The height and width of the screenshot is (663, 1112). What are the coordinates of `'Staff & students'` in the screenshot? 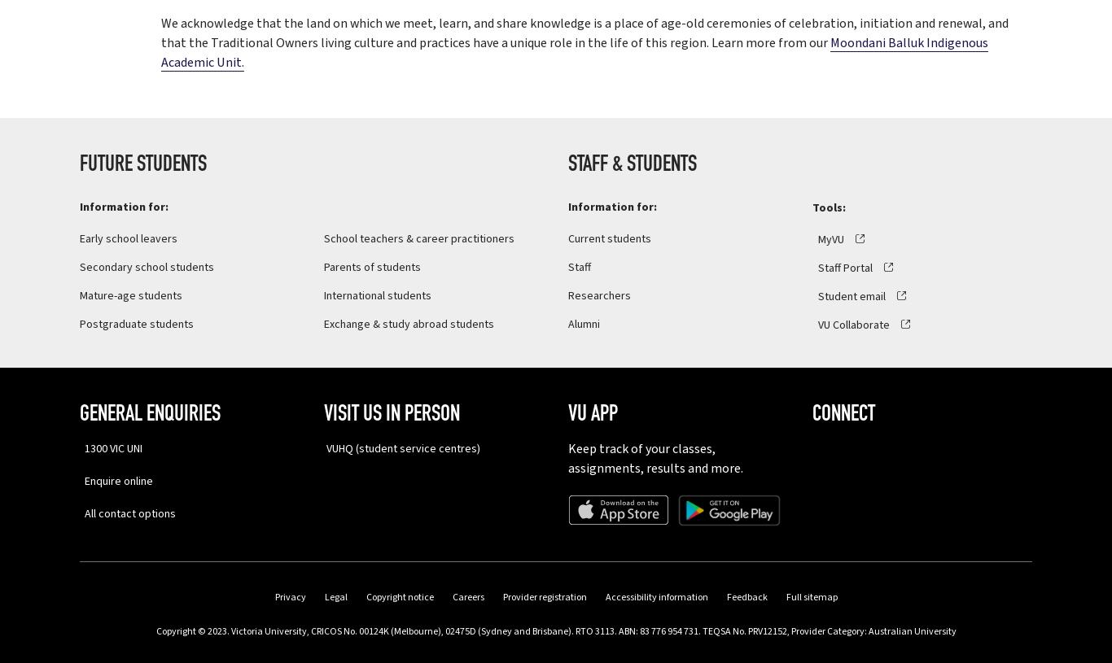 It's located at (632, 165).